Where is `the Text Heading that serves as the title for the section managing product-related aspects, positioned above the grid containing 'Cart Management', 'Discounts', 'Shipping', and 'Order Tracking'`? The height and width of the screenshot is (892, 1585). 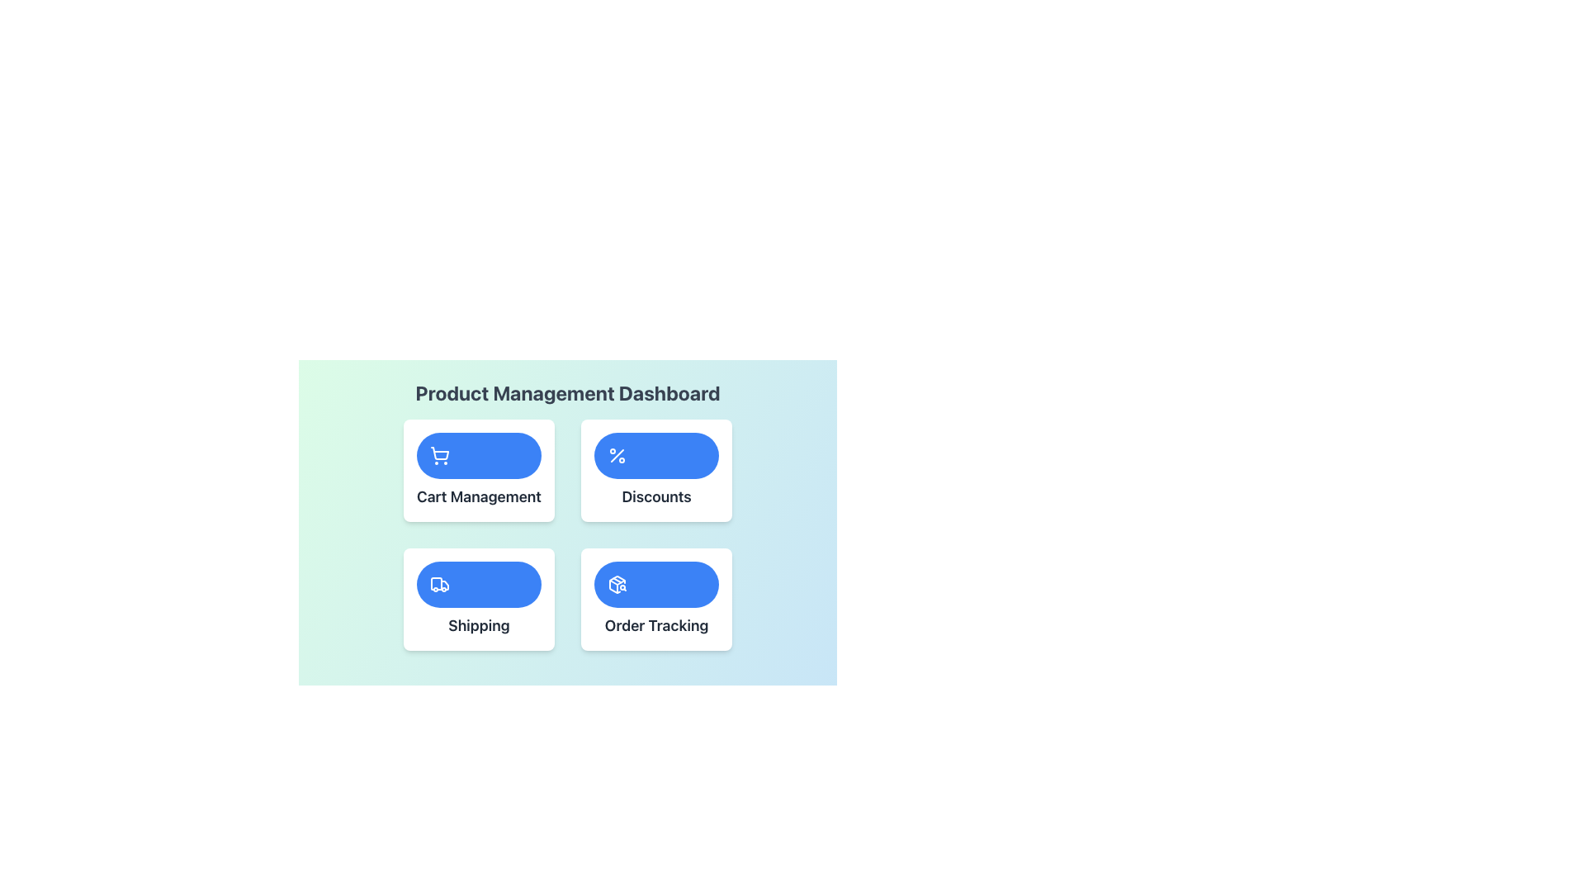
the Text Heading that serves as the title for the section managing product-related aspects, positioned above the grid containing 'Cart Management', 'Discounts', 'Shipping', and 'Order Tracking' is located at coordinates (567, 392).